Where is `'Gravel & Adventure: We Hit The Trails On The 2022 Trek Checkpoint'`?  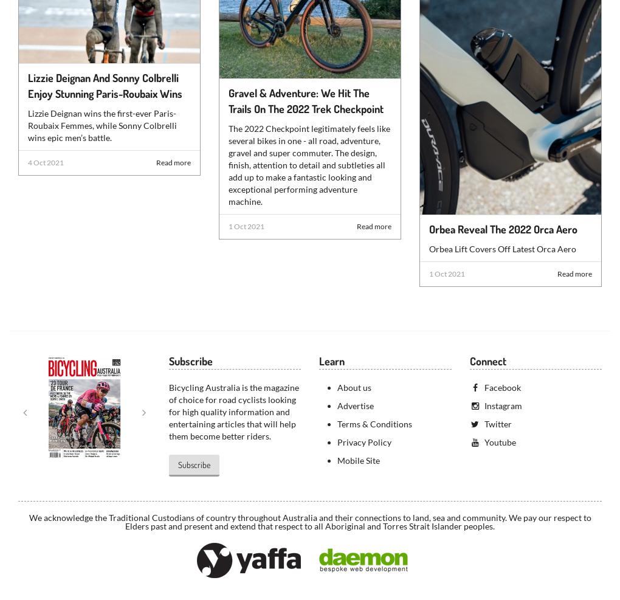 'Gravel & Adventure: We Hit The Trails On The 2022 Trek Checkpoint' is located at coordinates (306, 100).